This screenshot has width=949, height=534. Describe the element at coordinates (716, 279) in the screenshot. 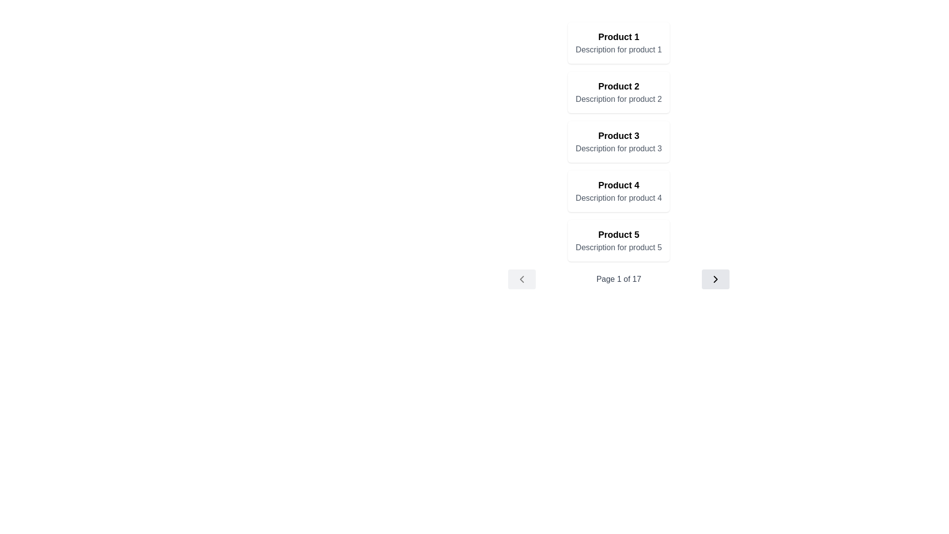

I see `the rightmost button in the horizontal navigation group, which has a light gray background and a black chevron pointing to the right, to observe the hover style` at that location.